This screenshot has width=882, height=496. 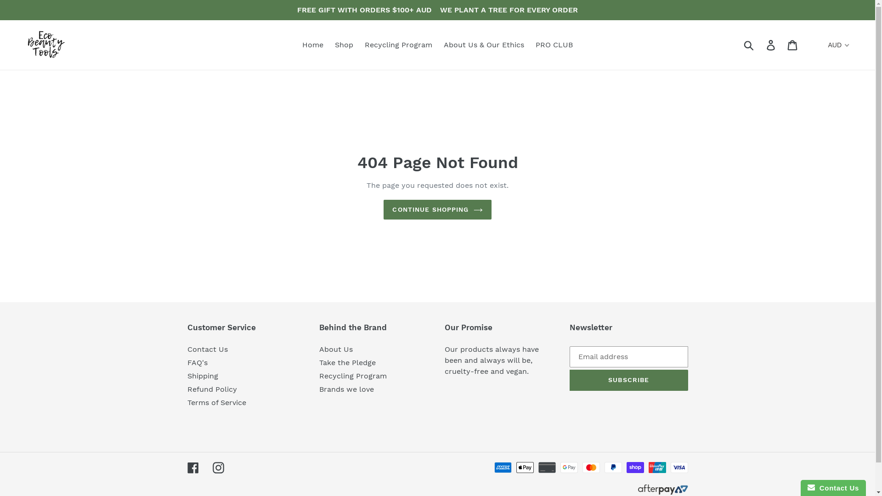 What do you see at coordinates (211, 389) in the screenshot?
I see `'Refund Policy'` at bounding box center [211, 389].